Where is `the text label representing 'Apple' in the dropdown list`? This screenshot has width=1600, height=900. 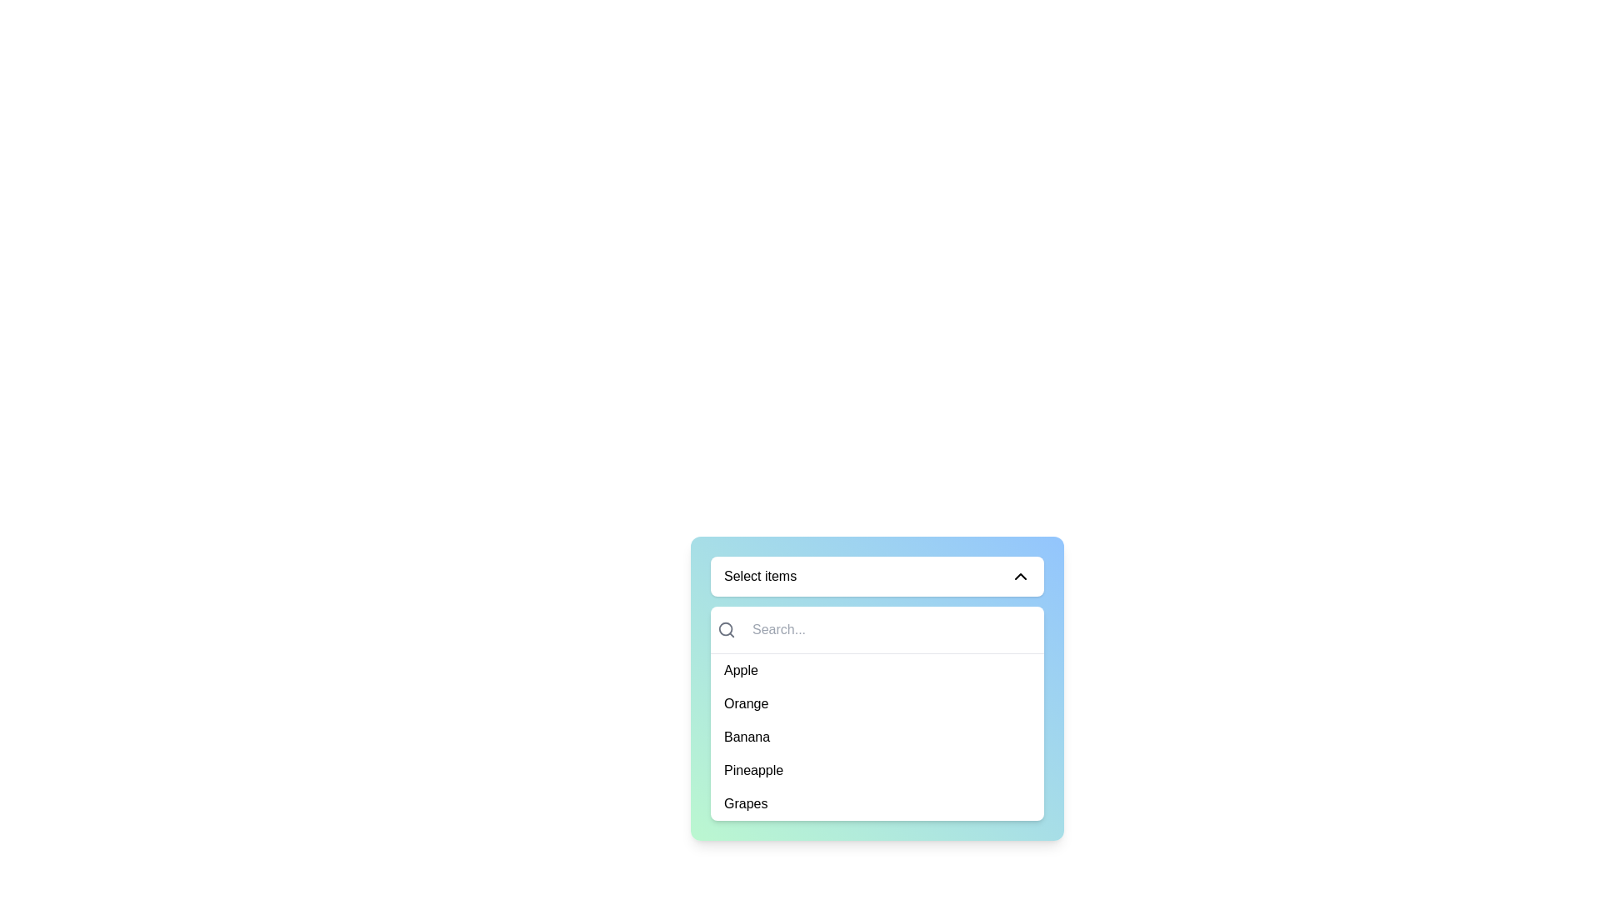
the text label representing 'Apple' in the dropdown list is located at coordinates (740, 670).